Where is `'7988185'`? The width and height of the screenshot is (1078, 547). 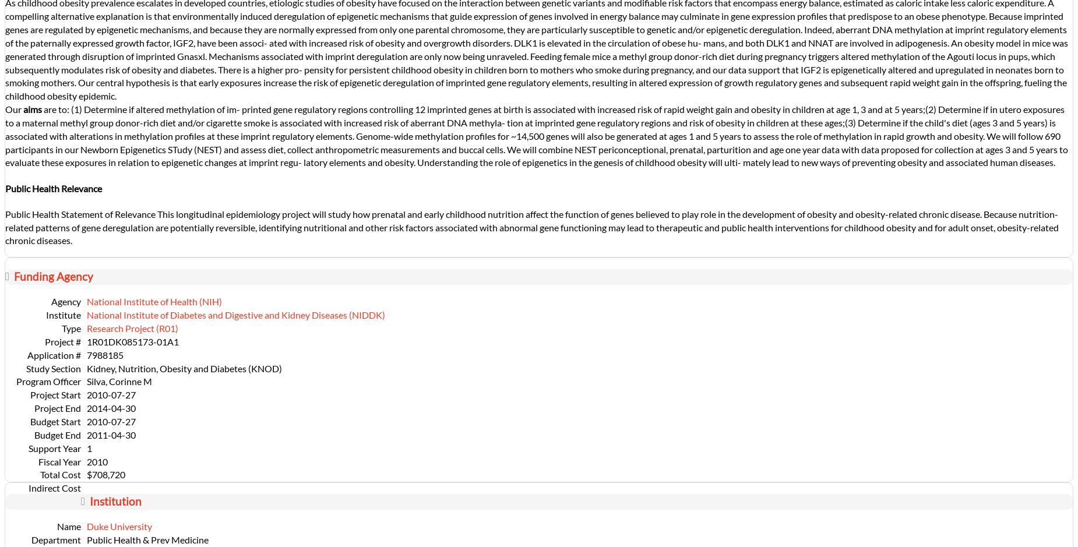
'7988185' is located at coordinates (86, 354).